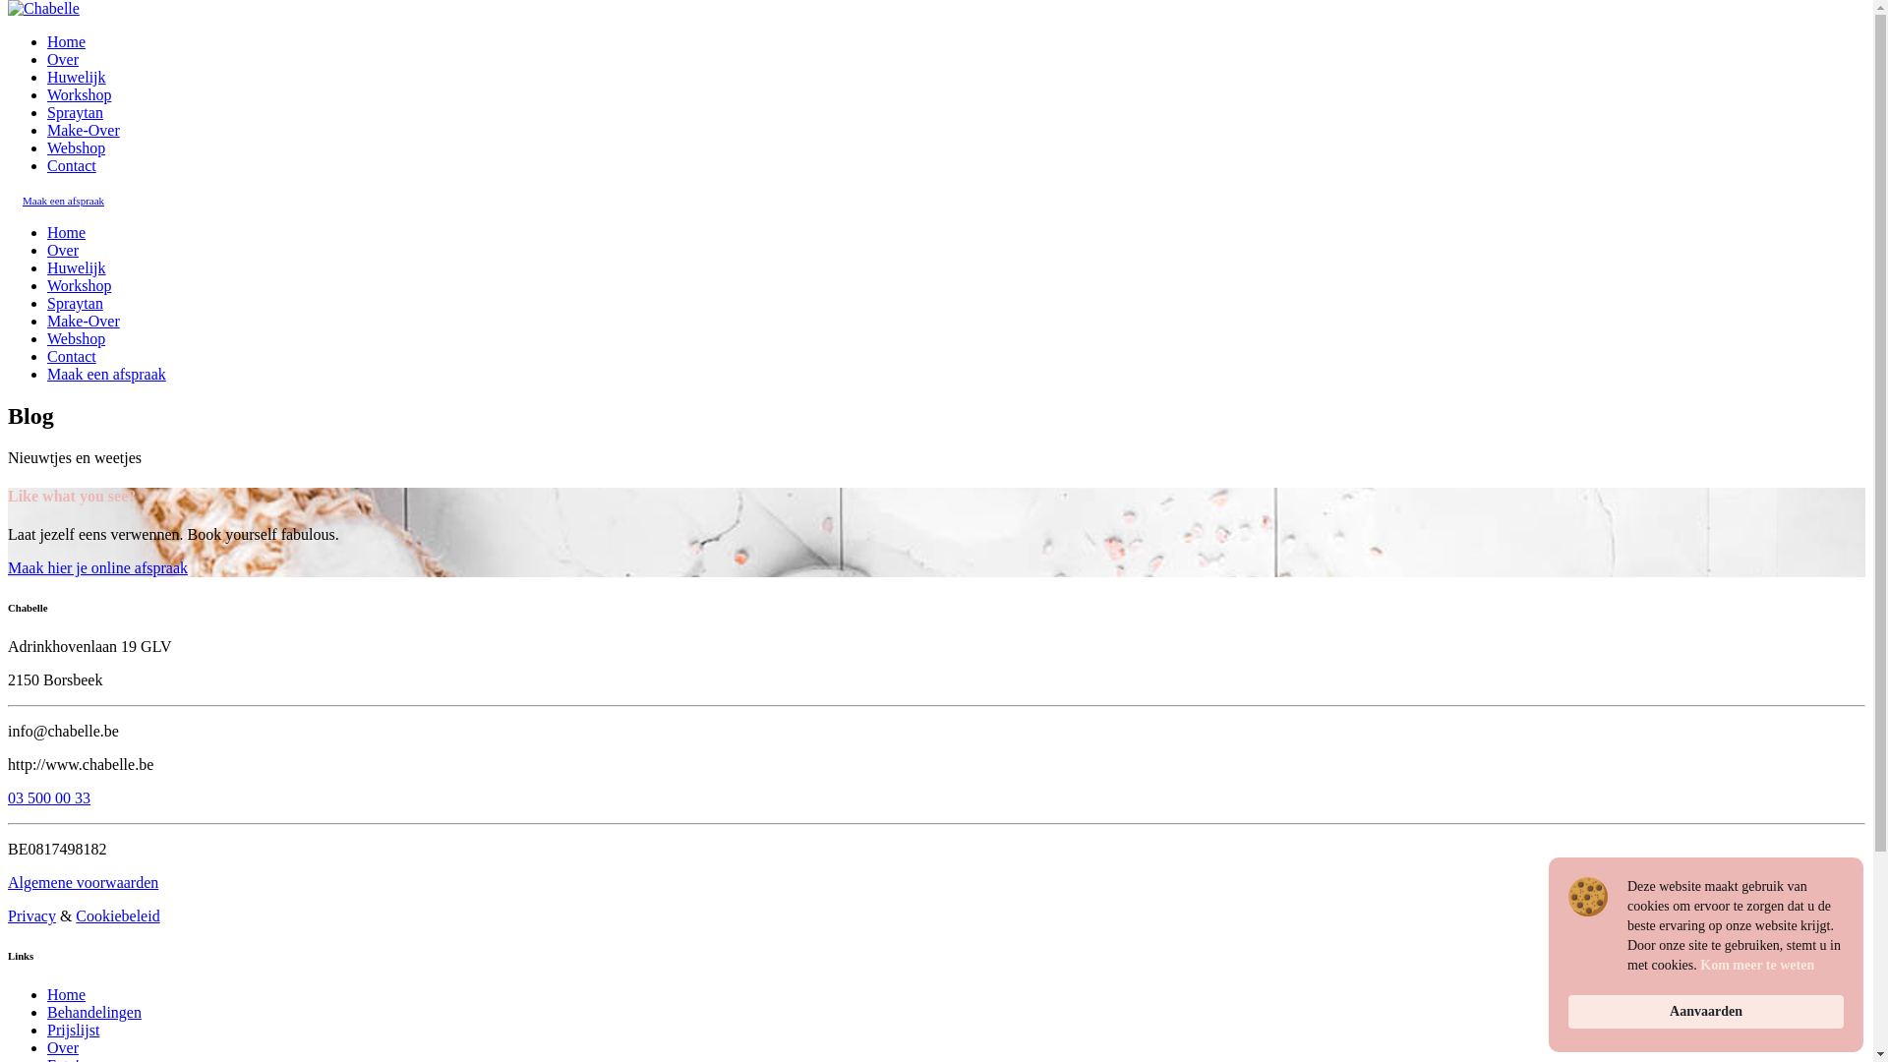 This screenshot has width=1888, height=1062. I want to click on 'Spraytan', so click(75, 112).